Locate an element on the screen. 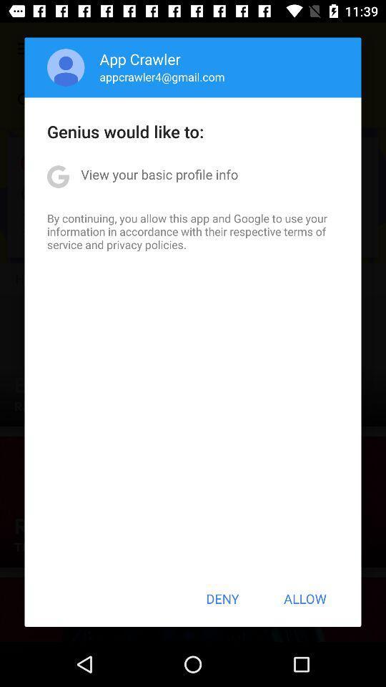 The height and width of the screenshot is (687, 386). the app crawler icon is located at coordinates (140, 59).